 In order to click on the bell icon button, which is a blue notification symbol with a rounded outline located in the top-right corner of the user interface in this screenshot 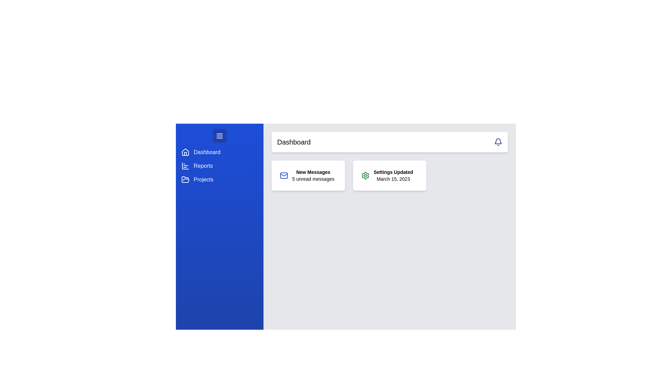, I will do `click(498, 142)`.